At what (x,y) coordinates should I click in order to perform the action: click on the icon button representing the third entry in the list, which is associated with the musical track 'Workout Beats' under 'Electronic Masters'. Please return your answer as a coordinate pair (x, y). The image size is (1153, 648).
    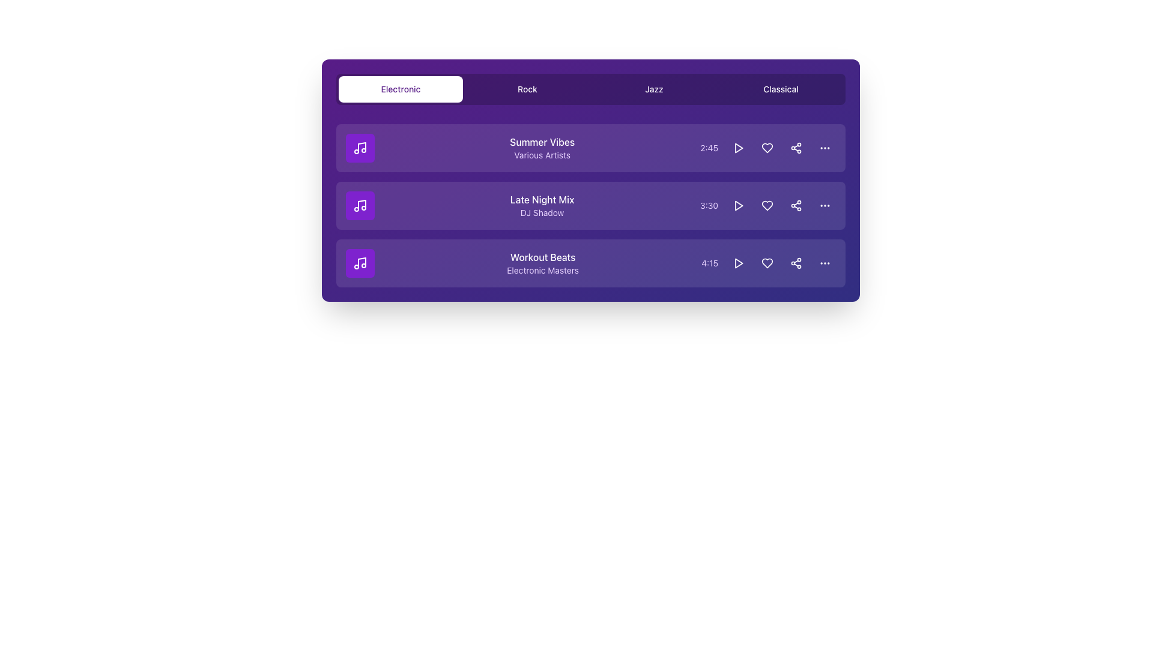
    Looking at the image, I should click on (360, 263).